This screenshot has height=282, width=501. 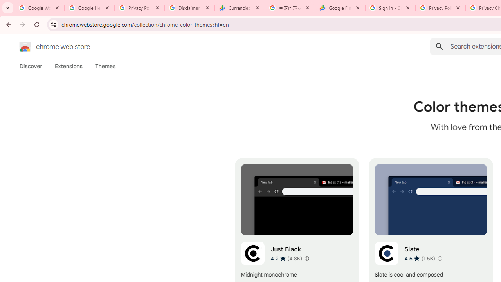 What do you see at coordinates (306, 258) in the screenshot?
I see `'Learn more about results and reviews "Just Black"'` at bounding box center [306, 258].